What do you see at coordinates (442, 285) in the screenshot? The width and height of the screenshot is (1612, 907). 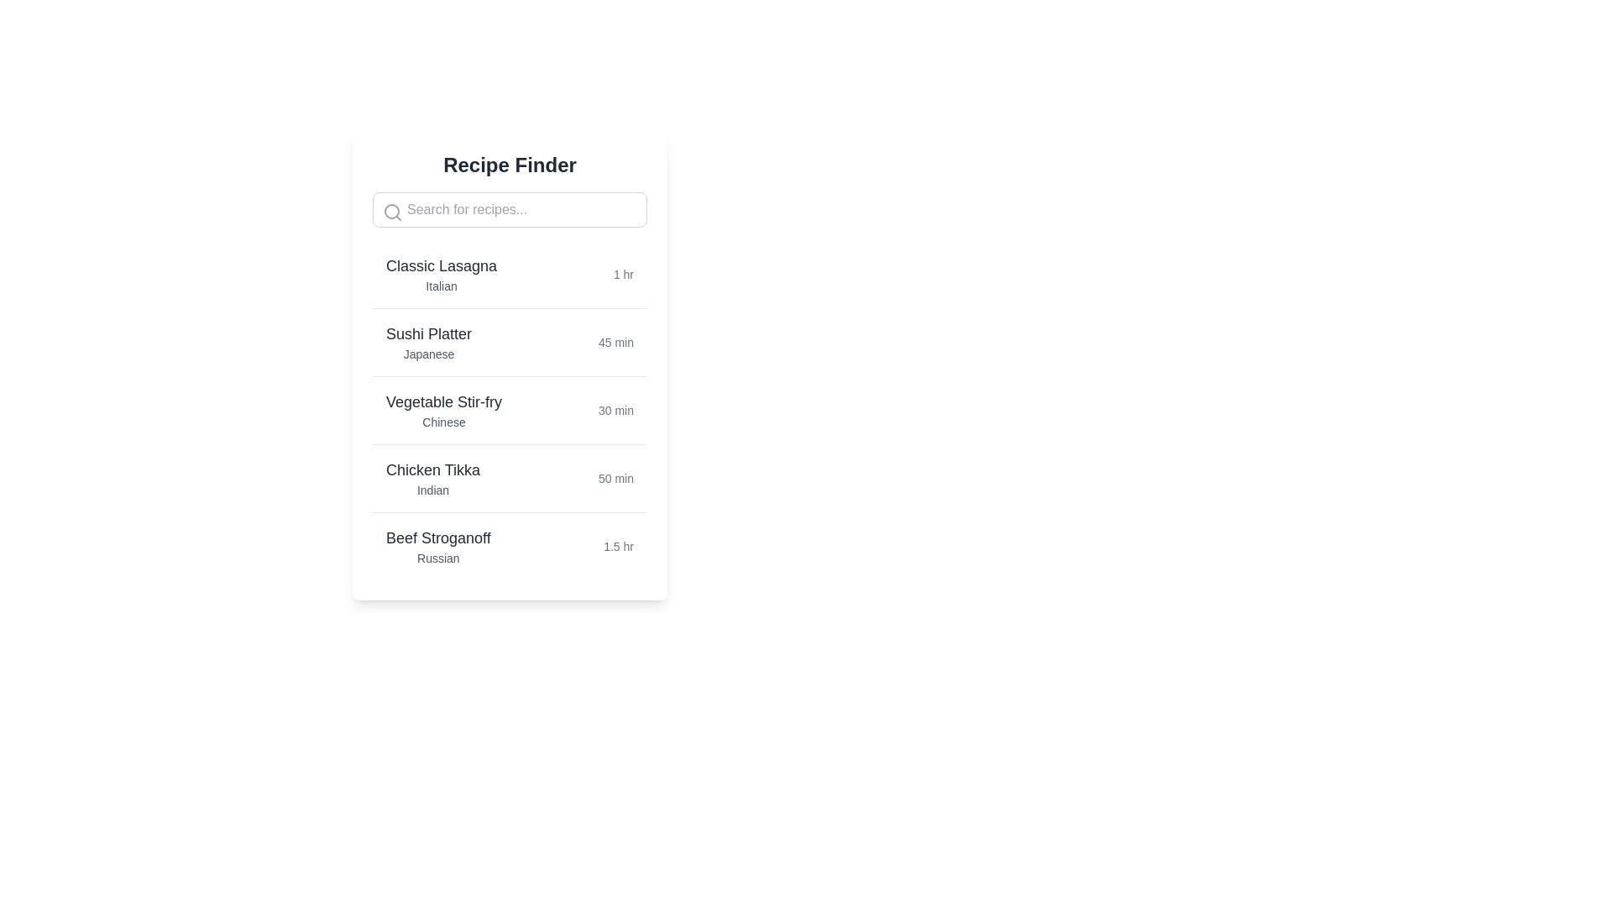 I see `the small gray text label displaying 'Italian', which is located directly below the 'Classic Lasagna' text` at bounding box center [442, 285].